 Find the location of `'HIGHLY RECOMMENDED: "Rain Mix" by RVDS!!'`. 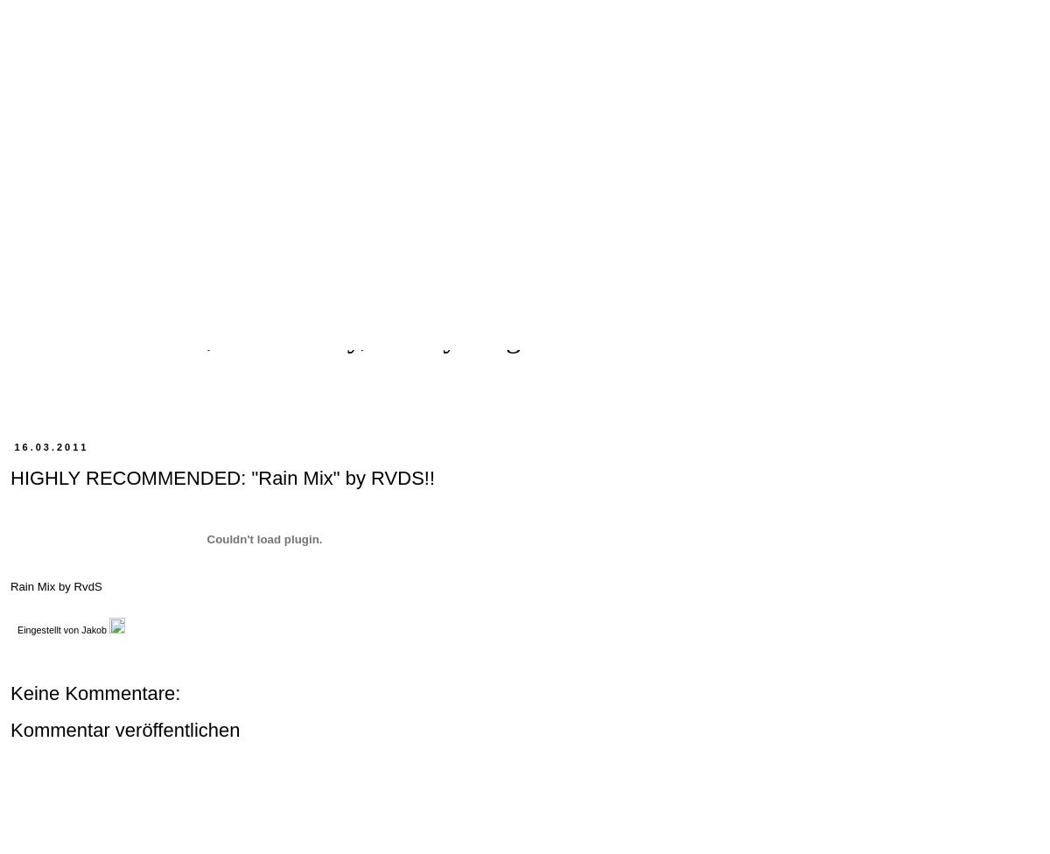

'HIGHLY RECOMMENDED: "Rain Mix" by RVDS!!' is located at coordinates (221, 477).